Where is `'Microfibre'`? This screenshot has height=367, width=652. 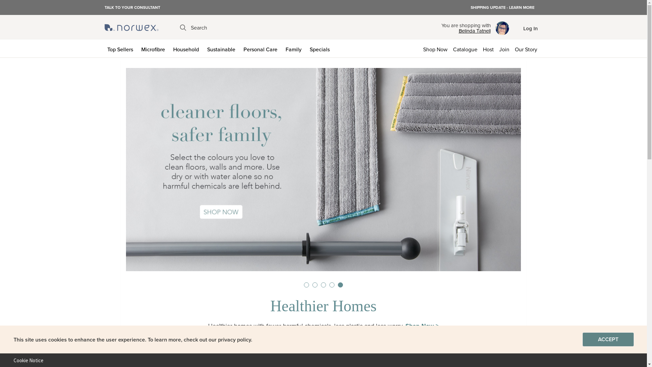 'Microfibre' is located at coordinates (154, 48).